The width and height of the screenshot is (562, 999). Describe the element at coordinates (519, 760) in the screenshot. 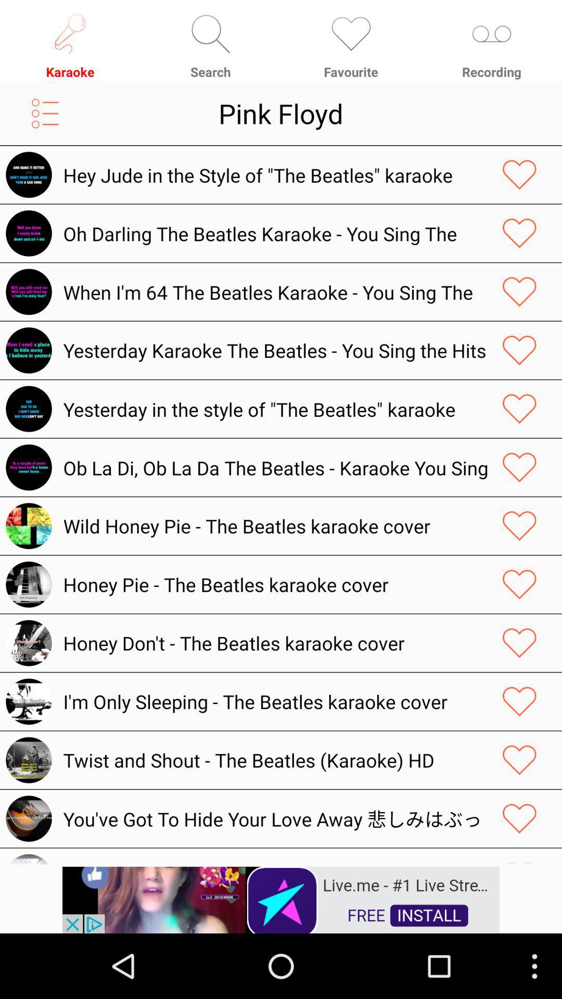

I see `like song` at that location.